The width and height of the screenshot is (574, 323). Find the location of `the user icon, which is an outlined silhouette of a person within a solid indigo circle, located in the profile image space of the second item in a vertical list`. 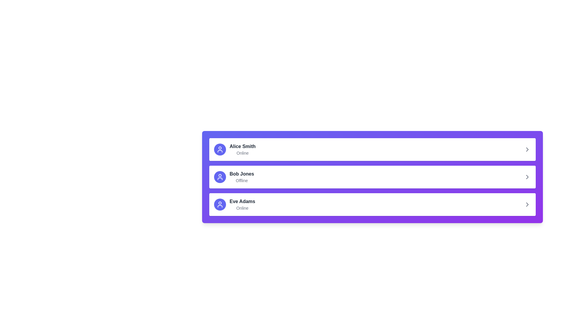

the user icon, which is an outlined silhouette of a person within a solid indigo circle, located in the profile image space of the second item in a vertical list is located at coordinates (219, 176).